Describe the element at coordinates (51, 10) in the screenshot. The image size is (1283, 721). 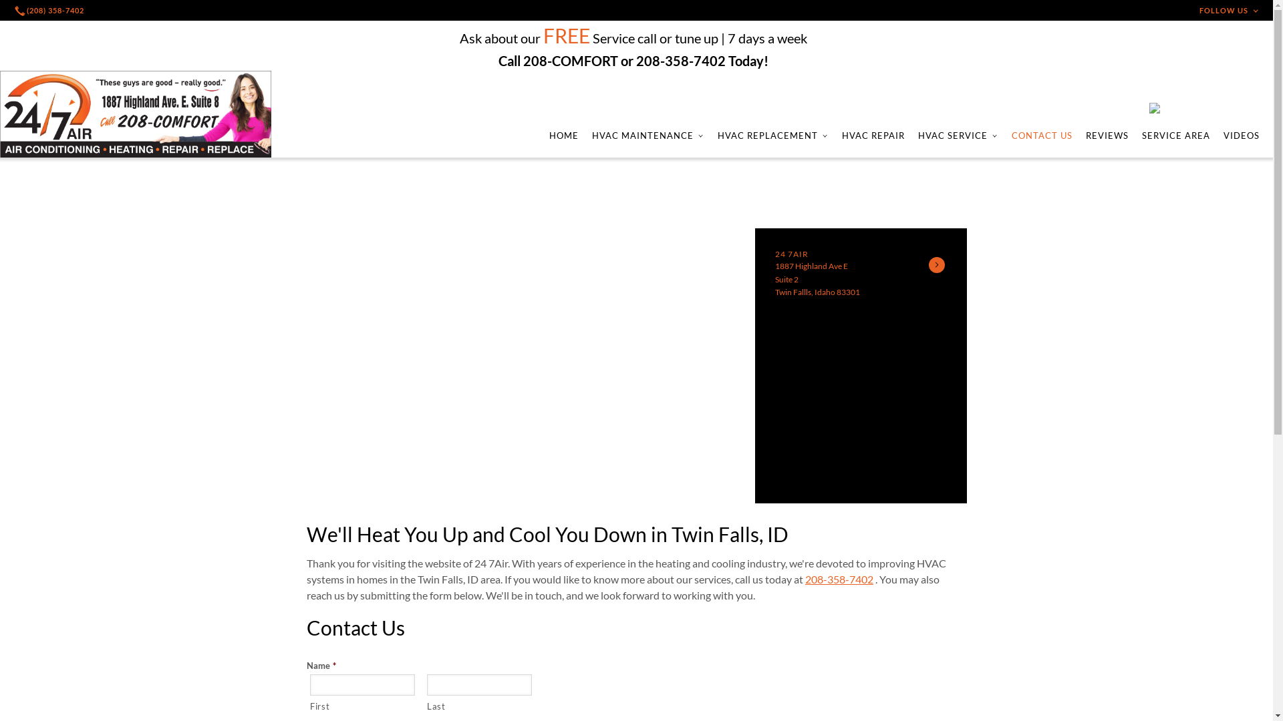
I see `'(208) 358-7402'` at that location.